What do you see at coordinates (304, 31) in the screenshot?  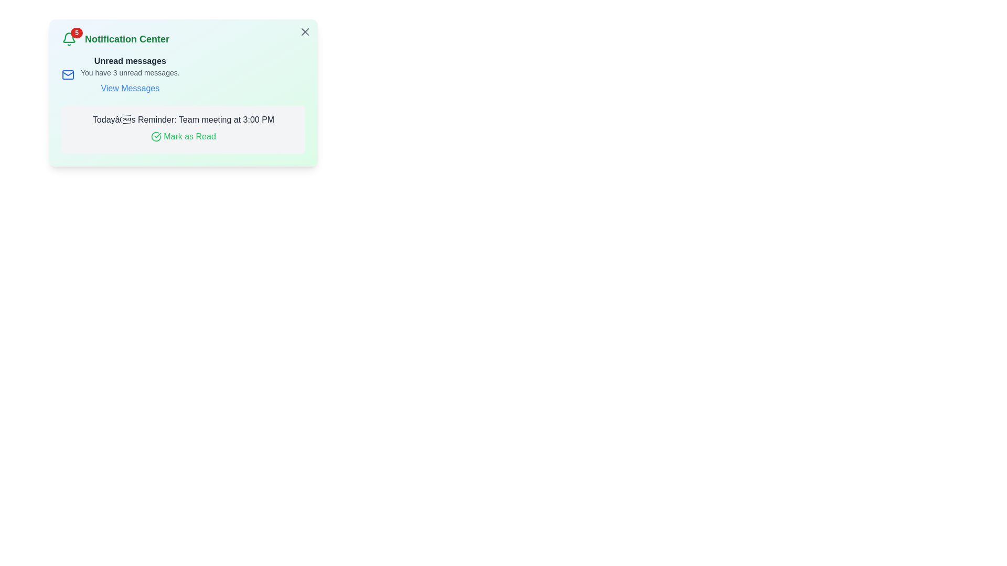 I see `the cross-shaped 'close' icon located at the top-right corner of the notification card` at bounding box center [304, 31].